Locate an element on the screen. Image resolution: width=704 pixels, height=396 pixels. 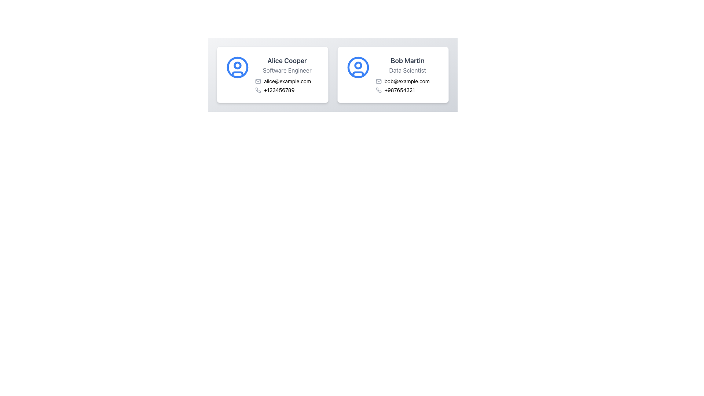
Circle SVG element that represents the user's head in the user profile icon located in the right profile card is located at coordinates (358, 65).